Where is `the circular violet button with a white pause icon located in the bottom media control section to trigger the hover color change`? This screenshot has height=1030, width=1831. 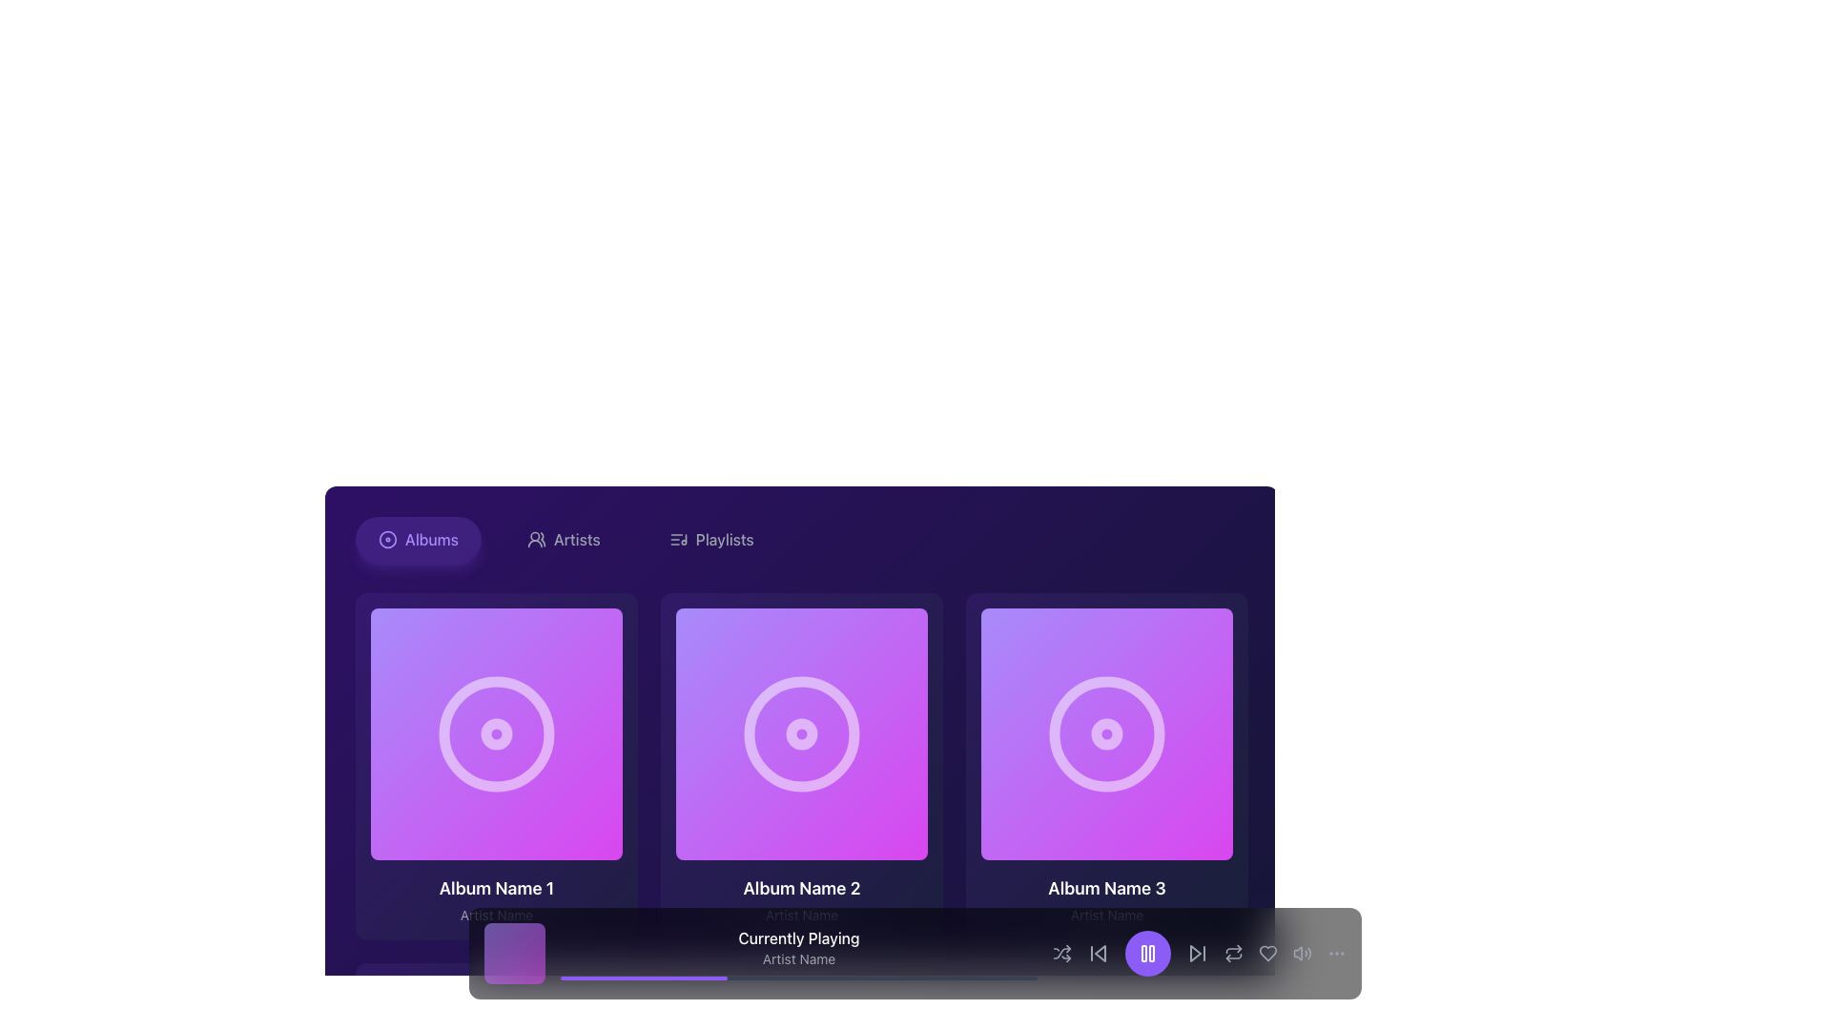 the circular violet button with a white pause icon located in the bottom media control section to trigger the hover color change is located at coordinates (1147, 953).